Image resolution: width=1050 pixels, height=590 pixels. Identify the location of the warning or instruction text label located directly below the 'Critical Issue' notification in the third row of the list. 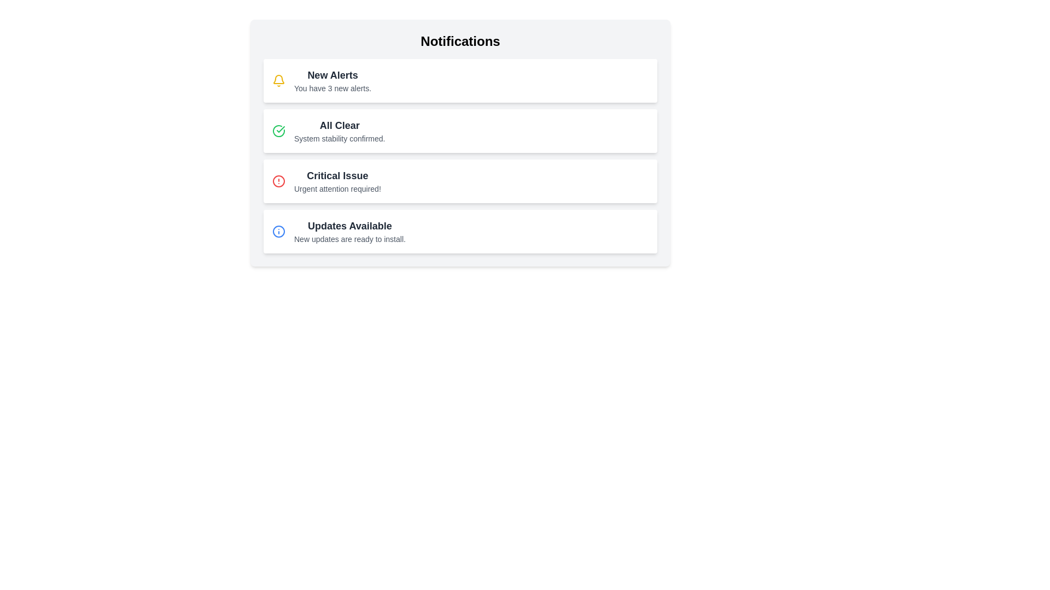
(337, 188).